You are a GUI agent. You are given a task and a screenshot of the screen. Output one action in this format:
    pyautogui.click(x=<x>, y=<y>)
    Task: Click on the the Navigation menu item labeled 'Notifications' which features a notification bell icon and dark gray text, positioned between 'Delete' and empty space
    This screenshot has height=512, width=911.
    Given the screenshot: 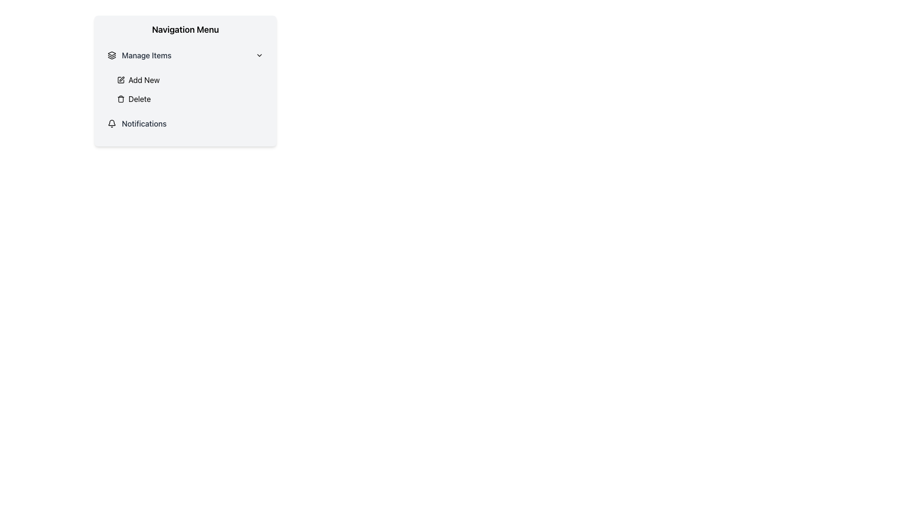 What is the action you would take?
    pyautogui.click(x=137, y=123)
    